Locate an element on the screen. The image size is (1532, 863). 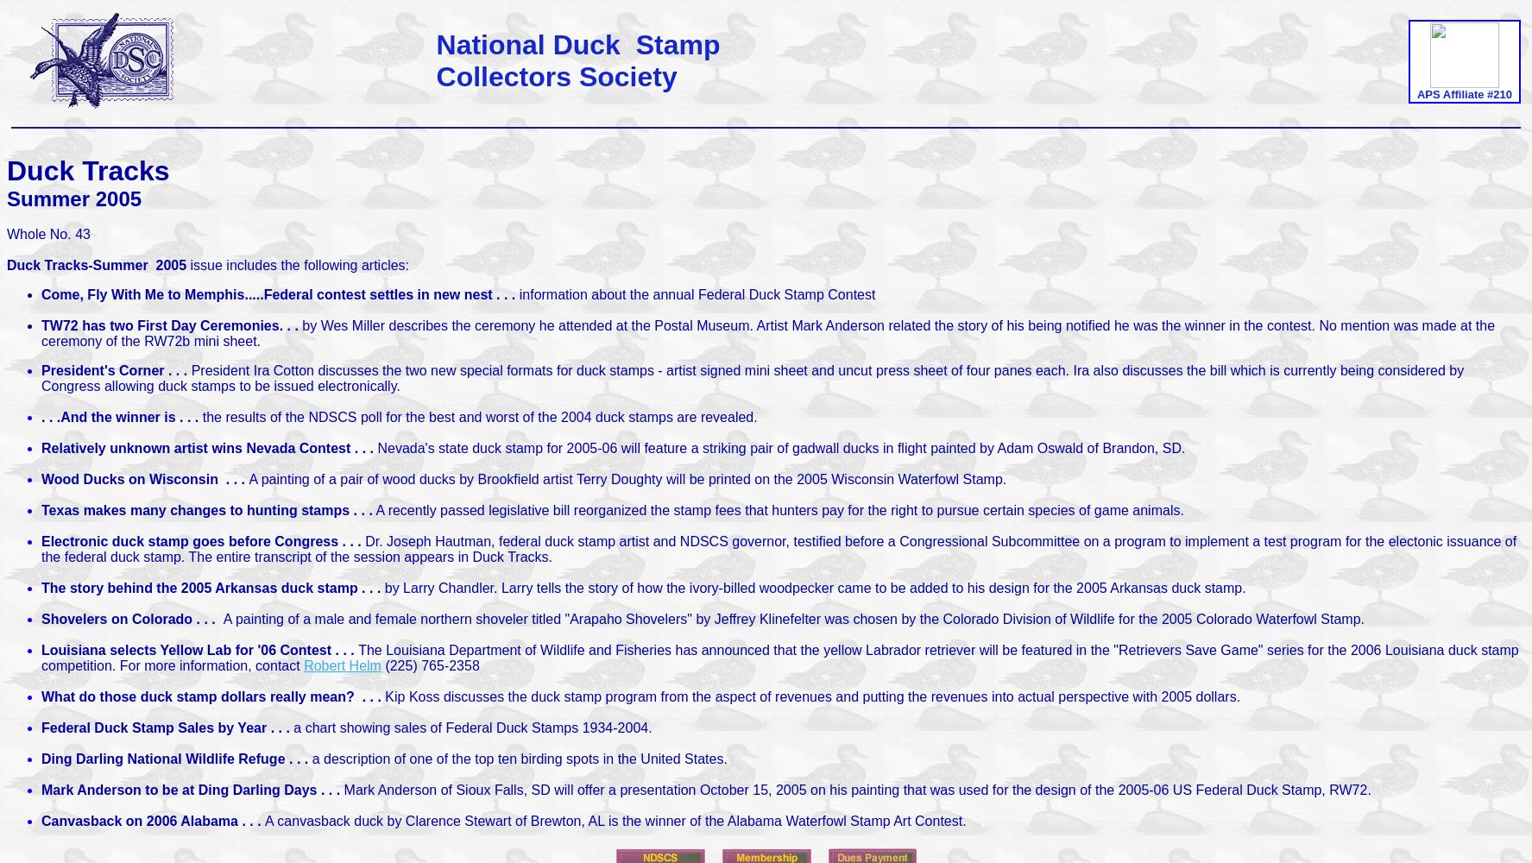
'elatively
    unknown artist wins Nevada Contest . . .' is located at coordinates (213, 448).